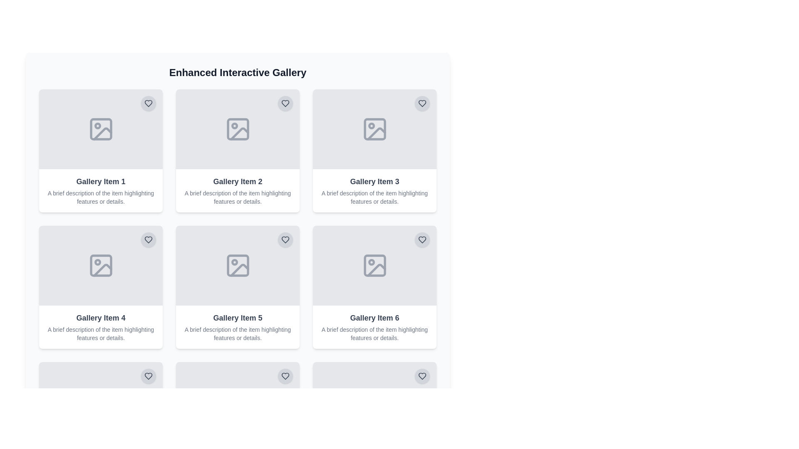 Image resolution: width=799 pixels, height=449 pixels. What do you see at coordinates (374, 402) in the screenshot?
I see `image placeholder icon located in the sixth item of a 2x3 grid layout in the gallery, positioned above the text details of 'Gallery Item 6'` at bounding box center [374, 402].